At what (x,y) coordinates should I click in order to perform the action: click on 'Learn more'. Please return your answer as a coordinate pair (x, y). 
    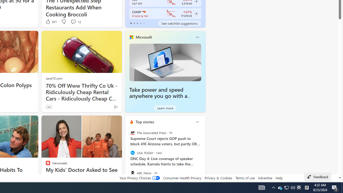
    Looking at the image, I should click on (165, 108).